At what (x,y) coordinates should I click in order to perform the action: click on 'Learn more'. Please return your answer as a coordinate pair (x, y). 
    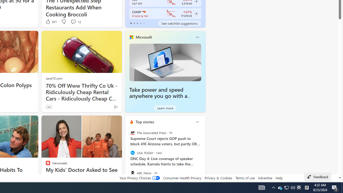
    Looking at the image, I should click on (165, 108).